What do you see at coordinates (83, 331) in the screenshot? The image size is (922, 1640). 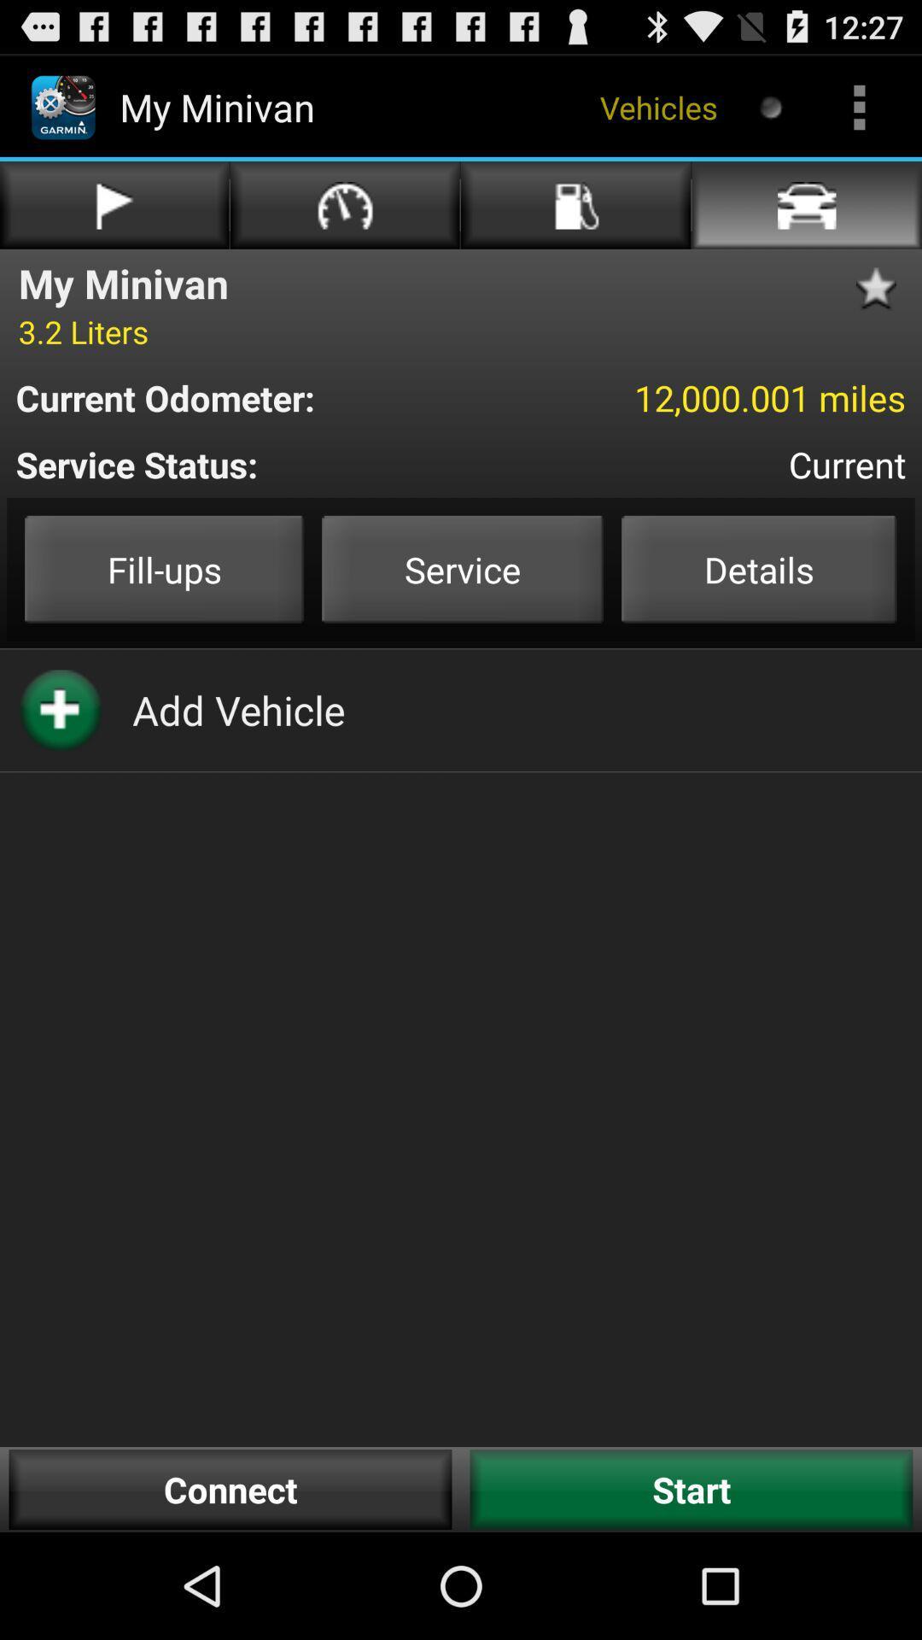 I see `app below my minivan app` at bounding box center [83, 331].